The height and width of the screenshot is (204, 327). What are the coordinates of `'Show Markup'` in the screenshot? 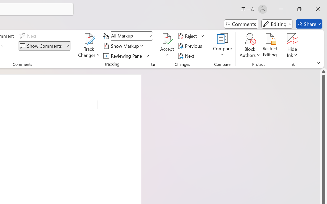 It's located at (124, 46).